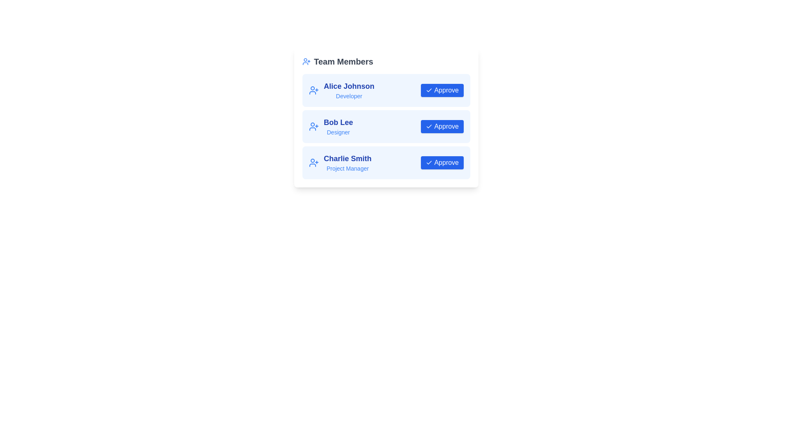  I want to click on the user addition icon located next to 'Bob Lee' in the 'Team Members' list, so click(314, 127).